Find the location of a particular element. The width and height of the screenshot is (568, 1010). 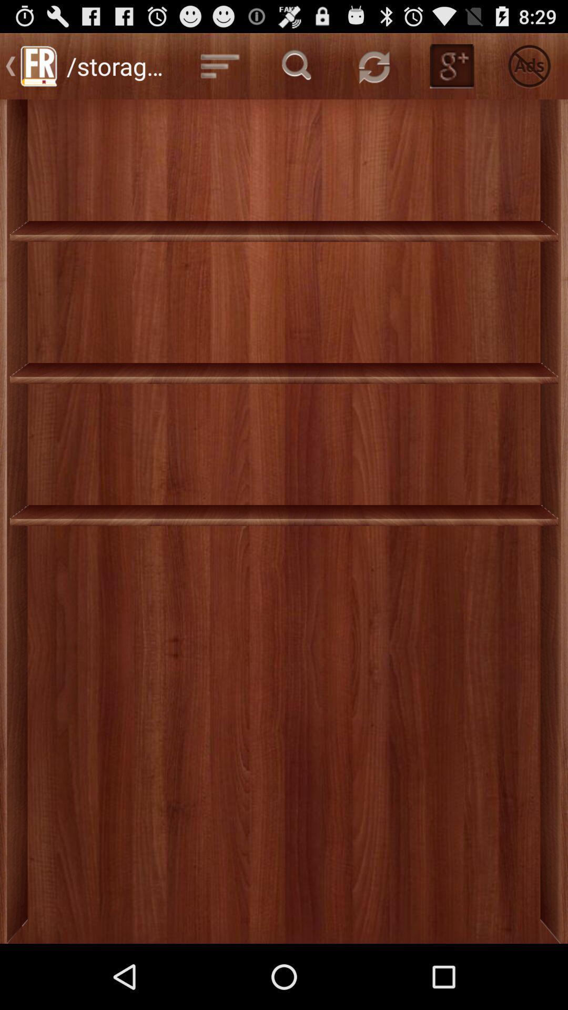

app to the right of the storage emulated 0 item is located at coordinates (219, 65).